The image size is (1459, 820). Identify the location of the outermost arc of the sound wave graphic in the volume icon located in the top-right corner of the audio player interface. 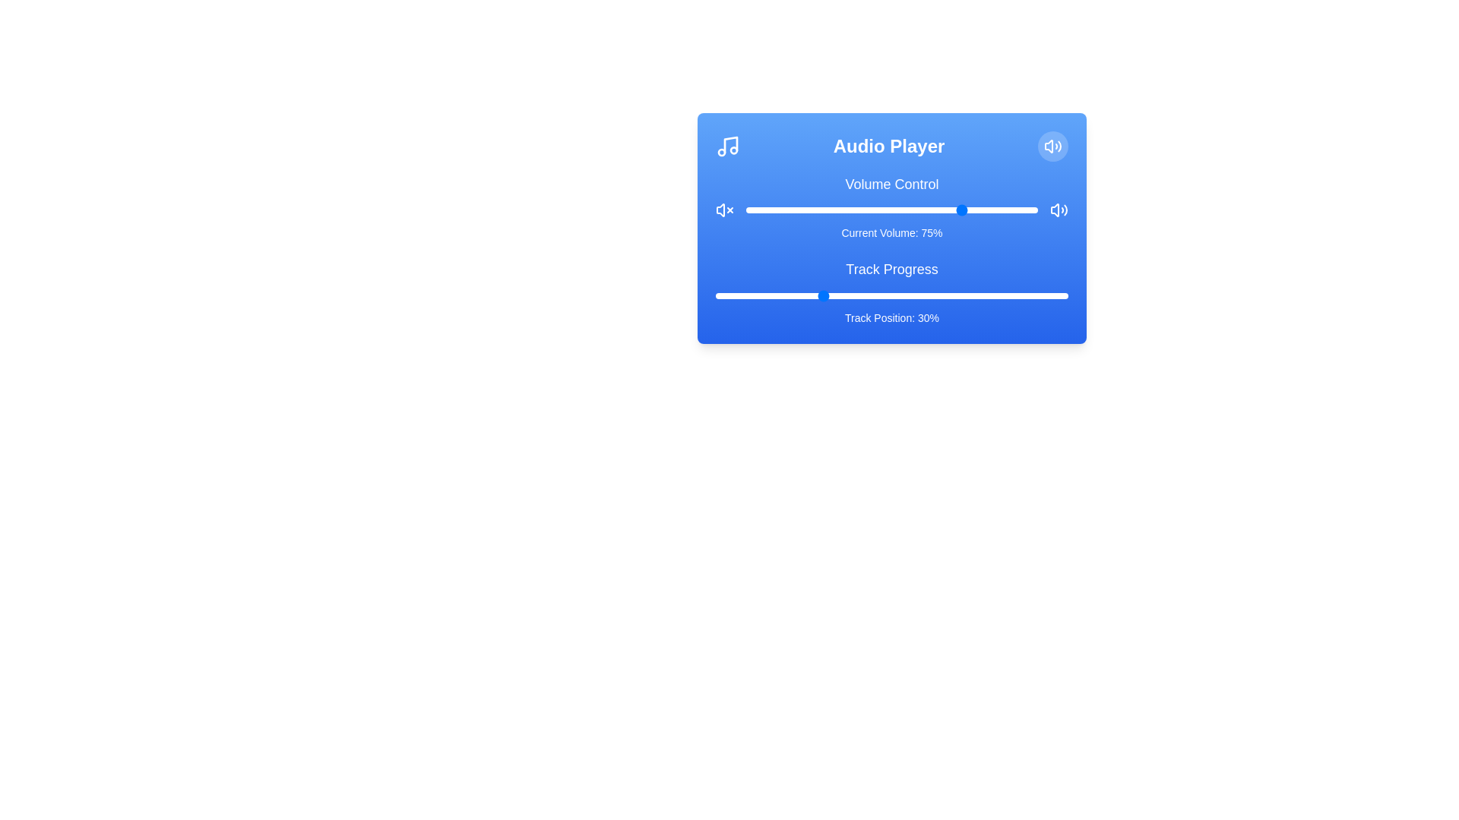
(1059, 146).